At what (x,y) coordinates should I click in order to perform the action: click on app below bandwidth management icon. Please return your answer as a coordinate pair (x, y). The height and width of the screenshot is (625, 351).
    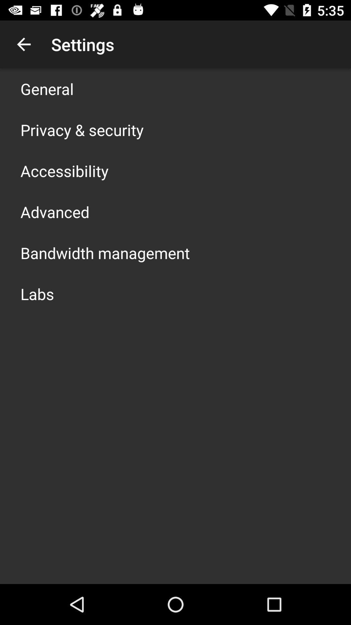
    Looking at the image, I should click on (37, 293).